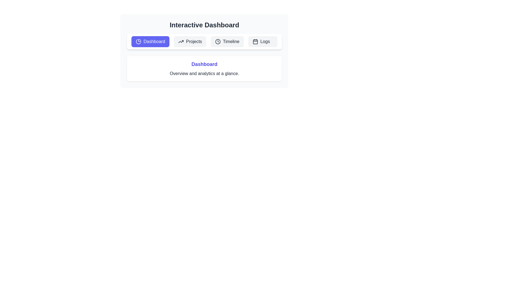 The image size is (529, 298). What do you see at coordinates (204, 64) in the screenshot?
I see `the 'Dashboard' text label, which is displayed in bold with a large font size and deep indigo color, located inside a rounded white card` at bounding box center [204, 64].